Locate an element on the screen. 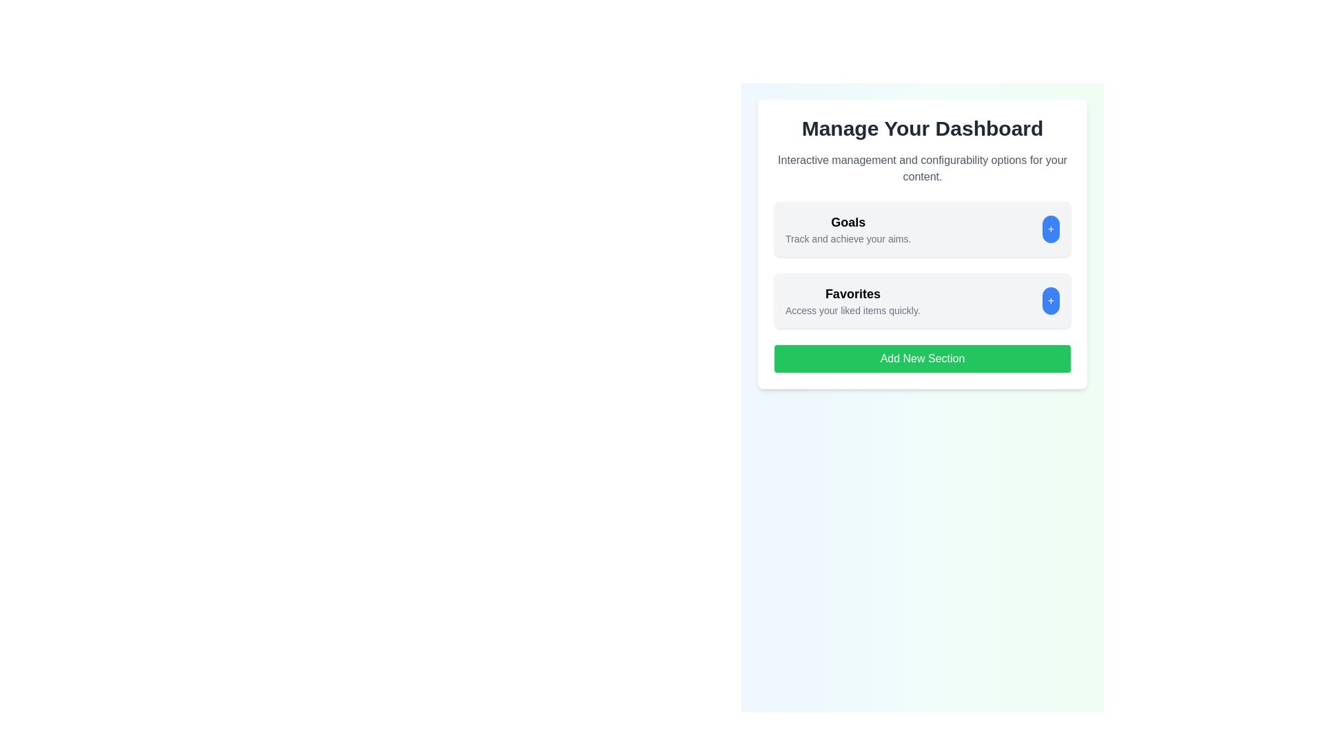 This screenshot has height=744, width=1323. the 'Favorites' text label with description, which includes a bold 'Favorites' title and a smaller description below it, located in the middle-right section of the interface is located at coordinates (852, 300).